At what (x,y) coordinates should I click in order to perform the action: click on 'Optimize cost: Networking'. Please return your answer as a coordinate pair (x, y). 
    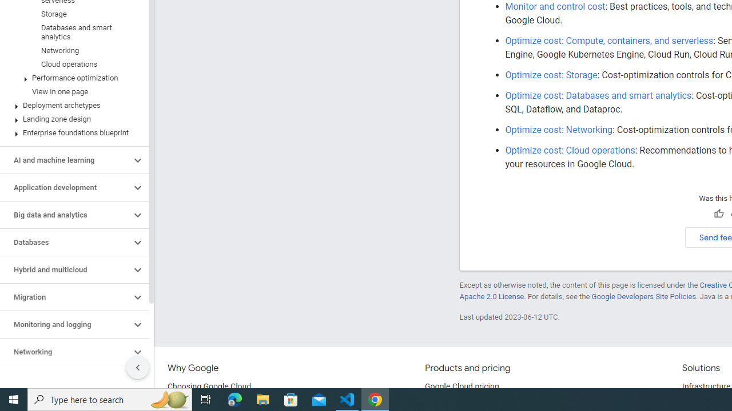
    Looking at the image, I should click on (559, 129).